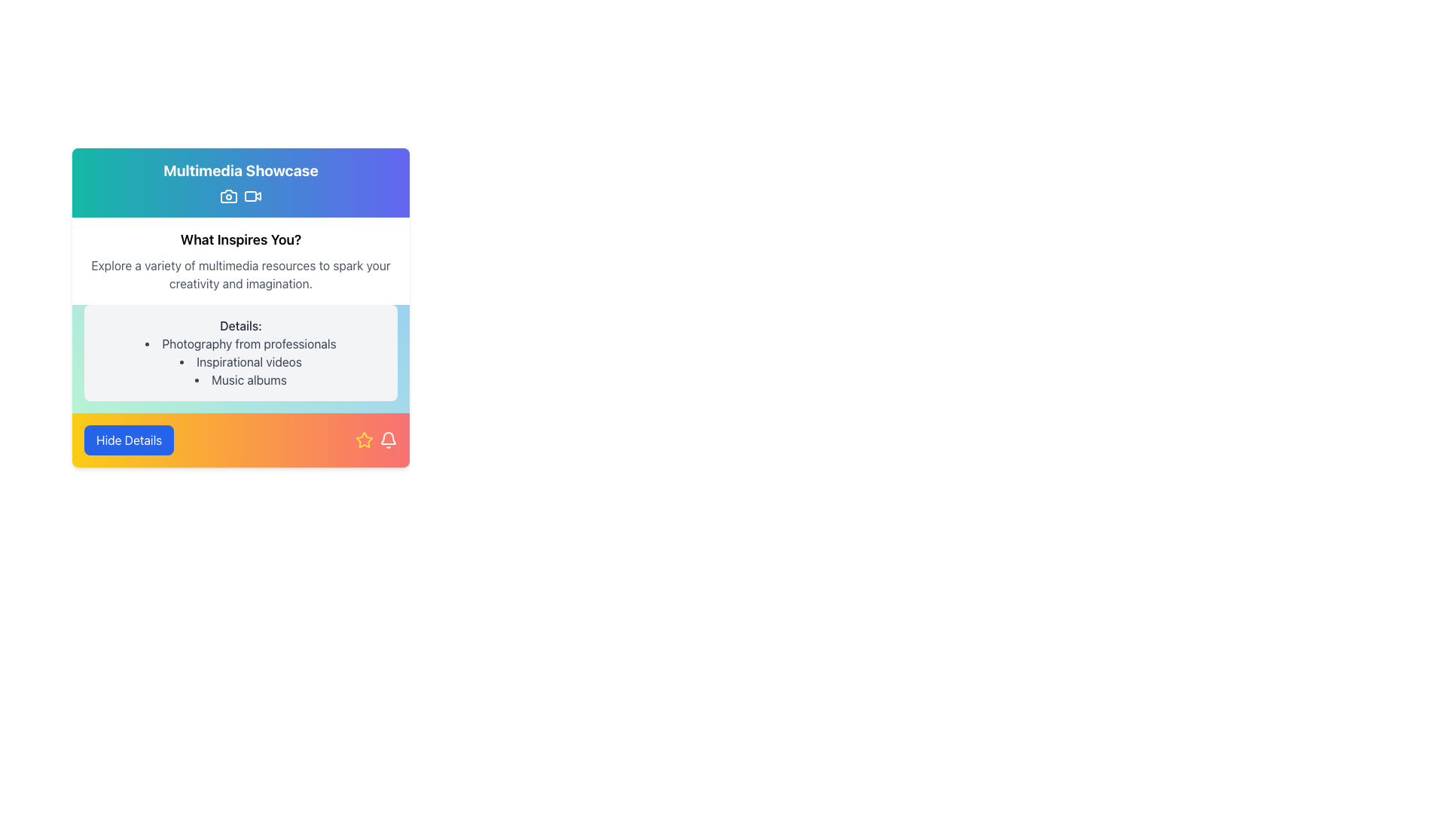  Describe the element at coordinates (365, 440) in the screenshot. I see `the interactive icon located at the bottom-right corner of the interface, which is part of a horizontal group of icons within the orange-red gradient area, positioned to the left of the bell icon` at that location.